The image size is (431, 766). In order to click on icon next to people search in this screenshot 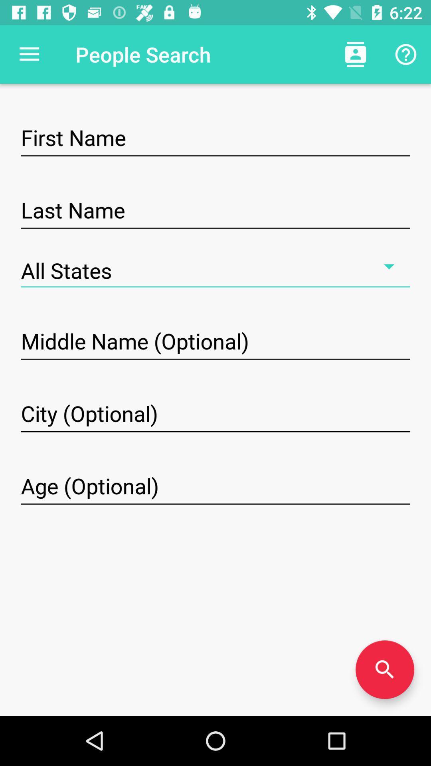, I will do `click(29, 54)`.